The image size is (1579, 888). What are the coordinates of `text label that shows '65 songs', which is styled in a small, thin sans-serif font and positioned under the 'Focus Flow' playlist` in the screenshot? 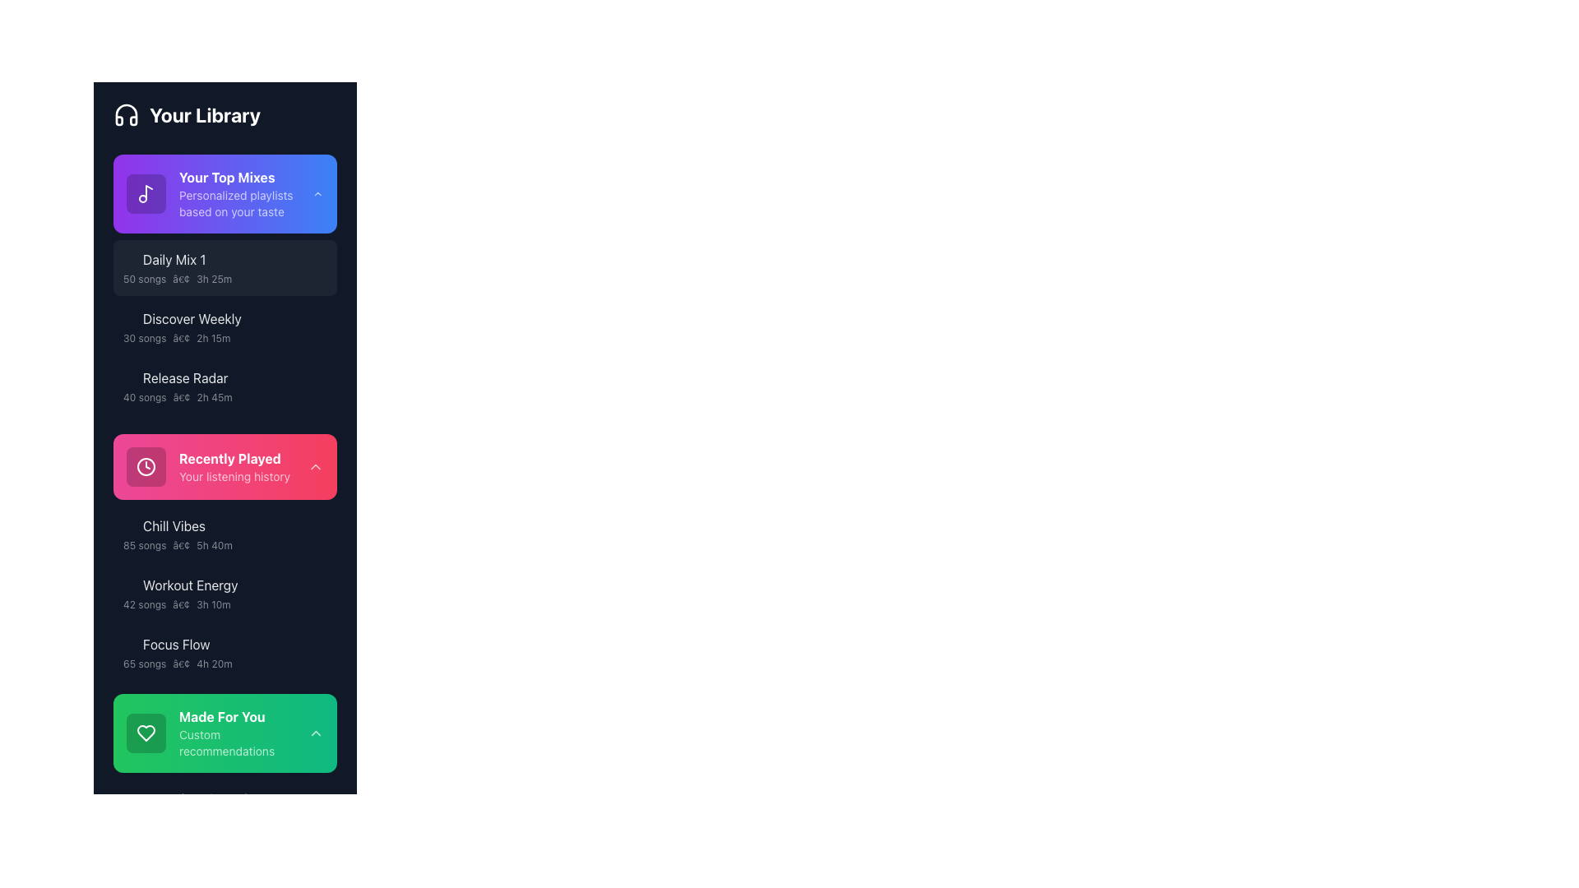 It's located at (145, 663).